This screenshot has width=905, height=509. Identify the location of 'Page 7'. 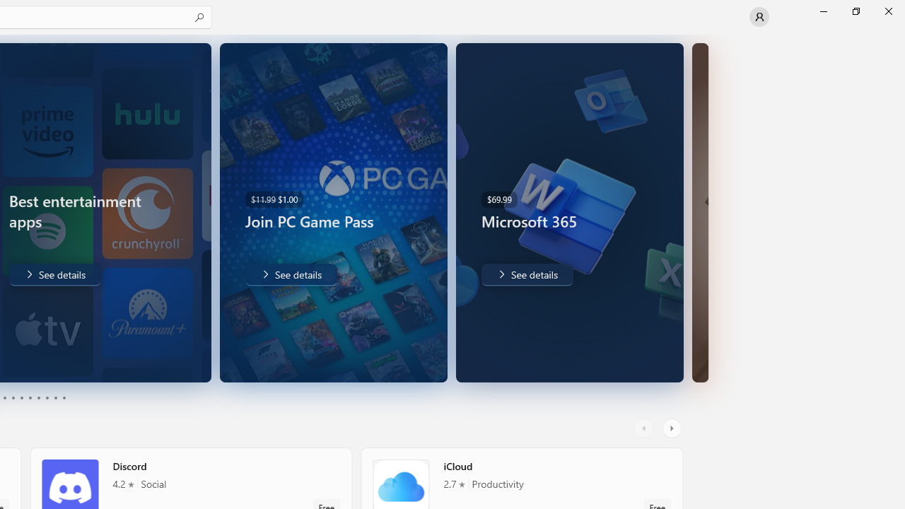
(38, 398).